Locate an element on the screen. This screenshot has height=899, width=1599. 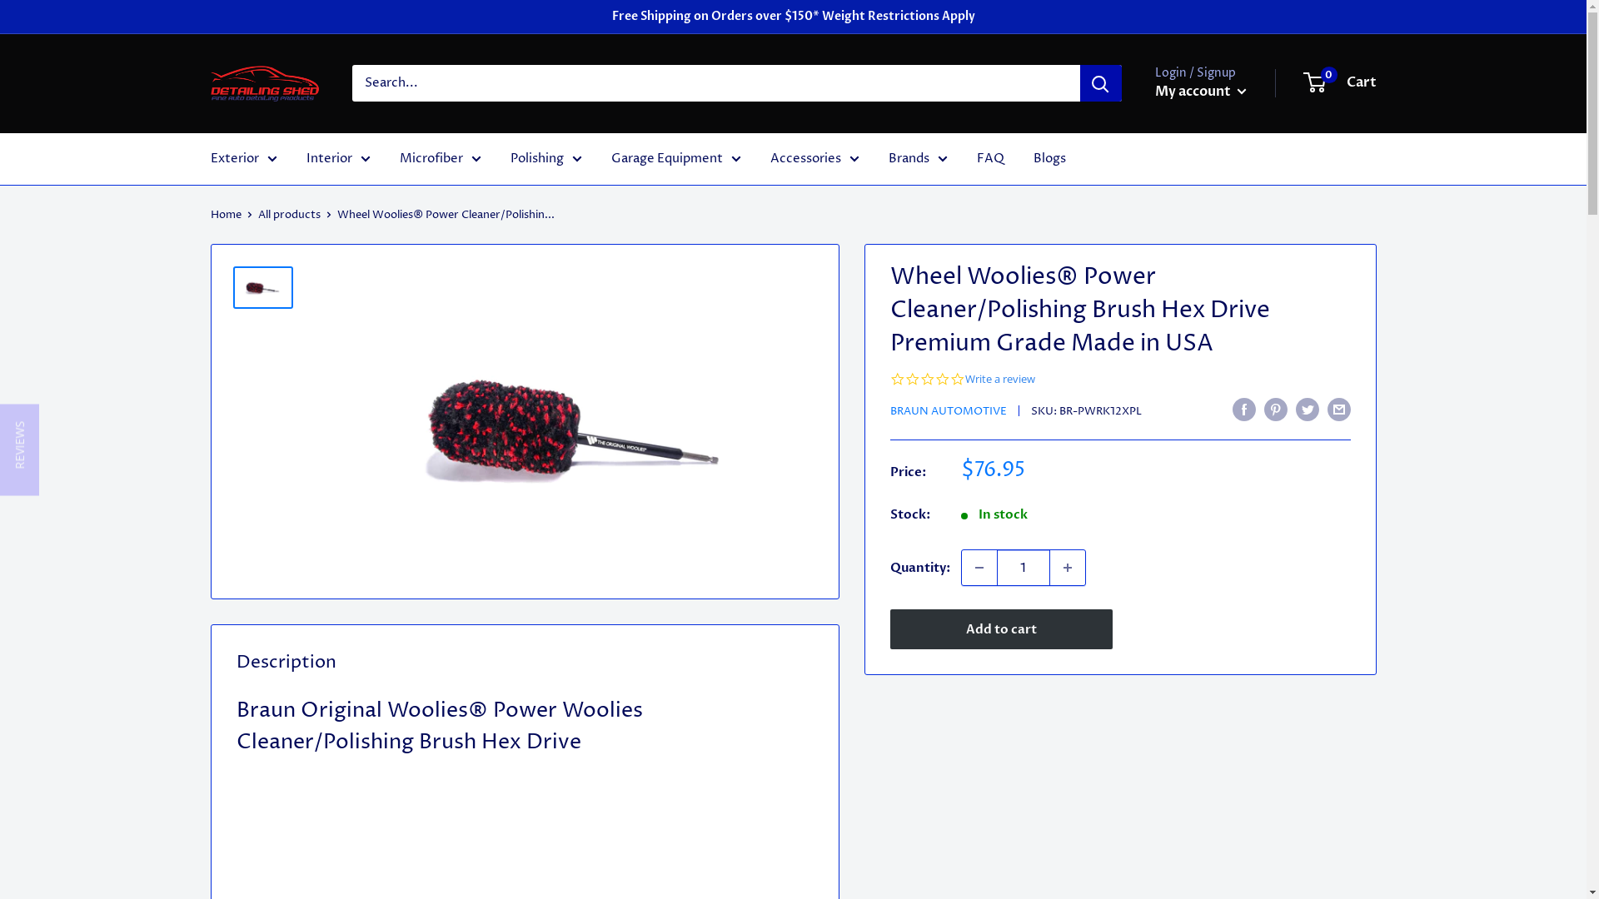
'Write a review' is located at coordinates (999, 379).